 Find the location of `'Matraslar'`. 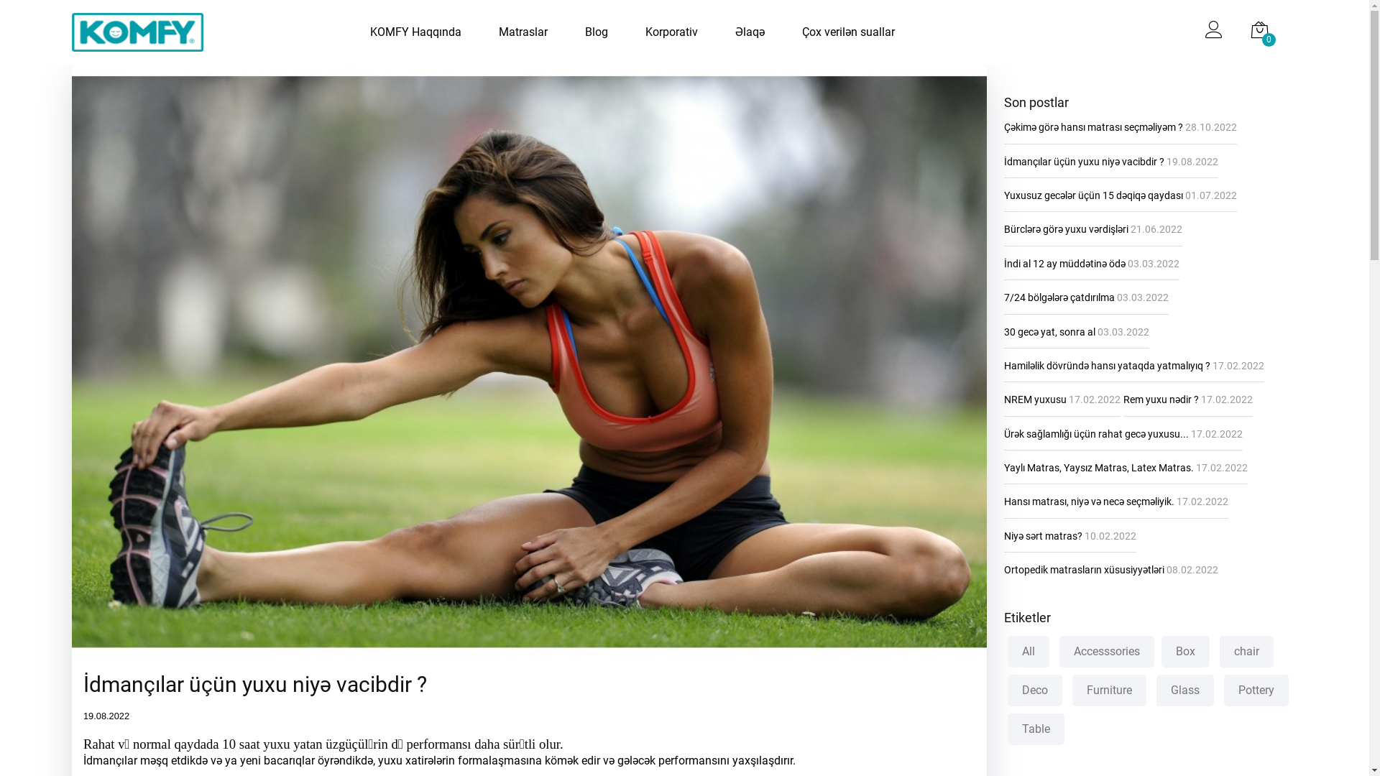

'Matraslar' is located at coordinates (523, 32).